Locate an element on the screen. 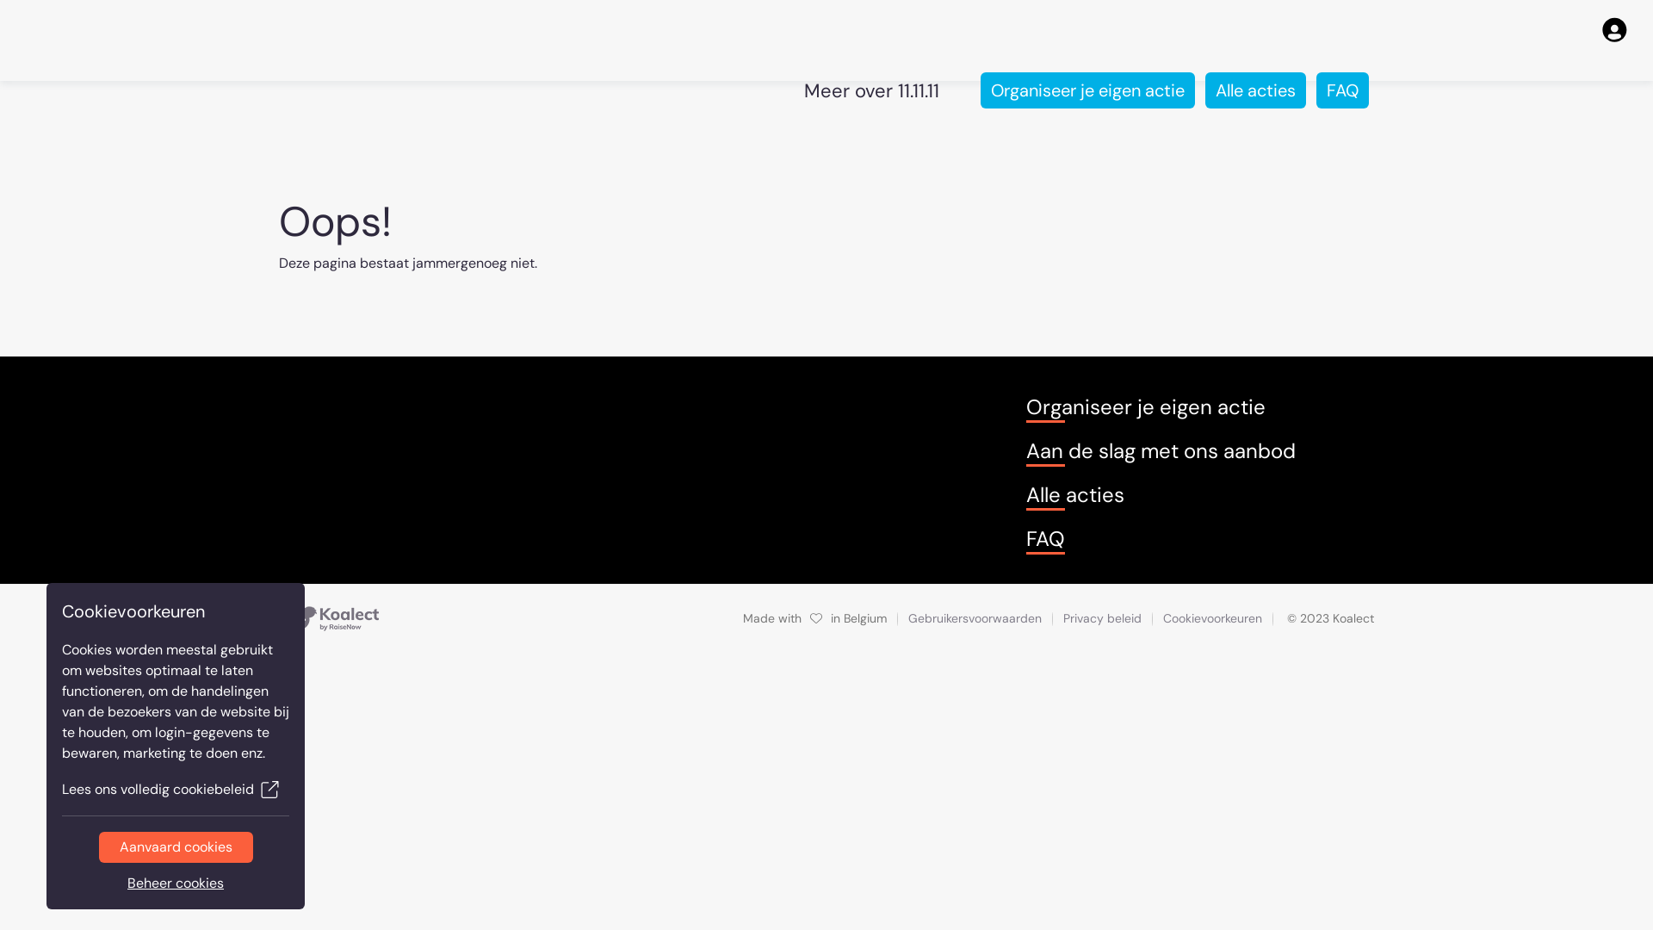 The height and width of the screenshot is (930, 1653). 'FAQ' is located at coordinates (1341, 90).